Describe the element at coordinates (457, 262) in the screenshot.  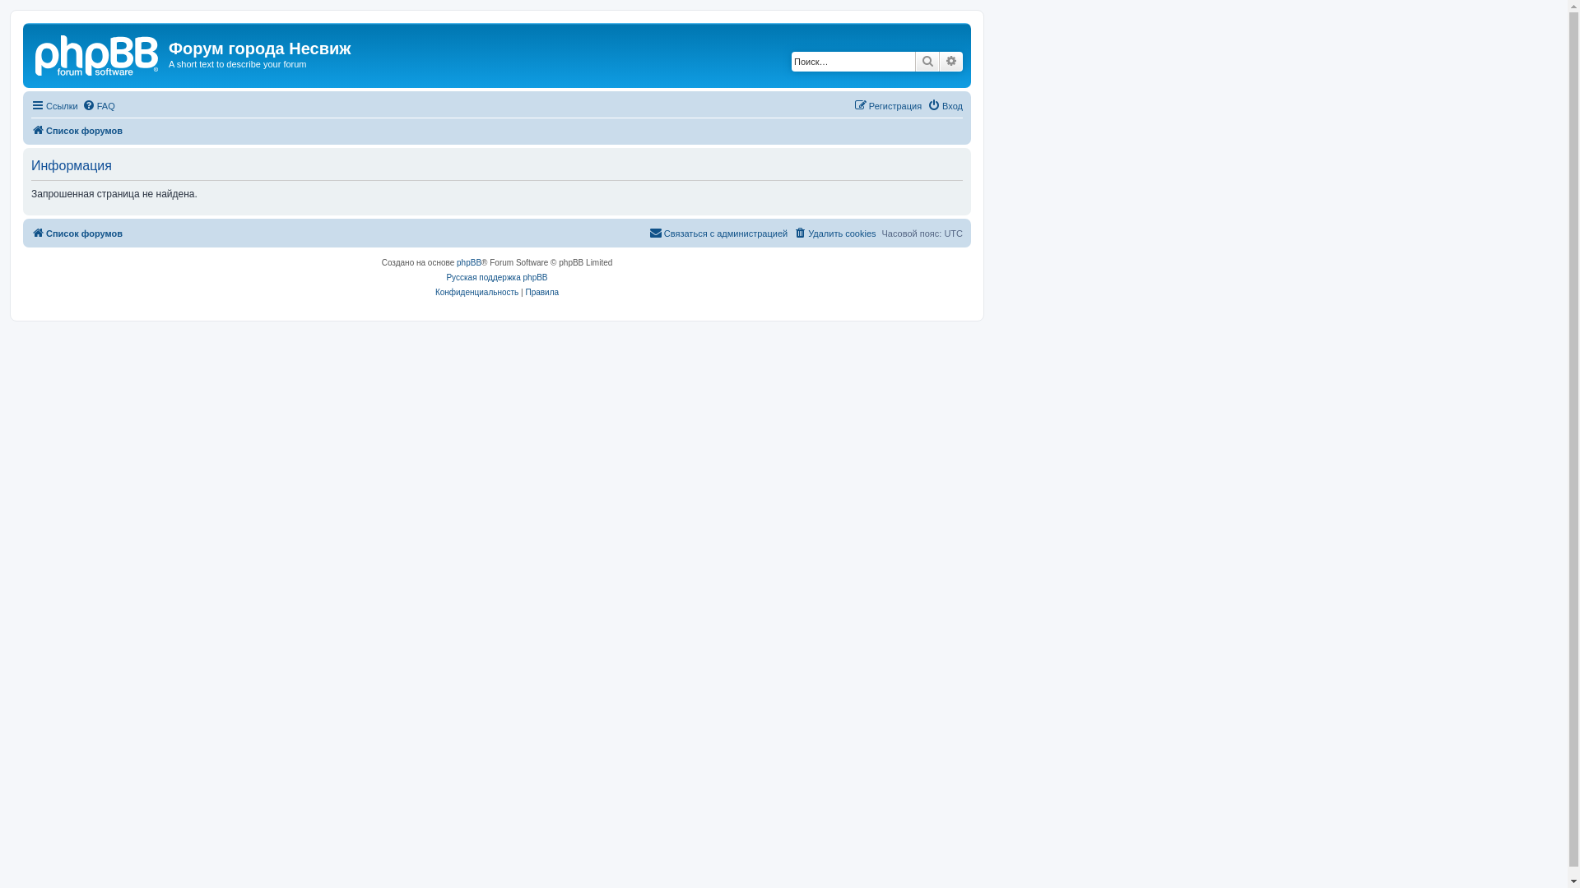
I see `'phpBB'` at that location.